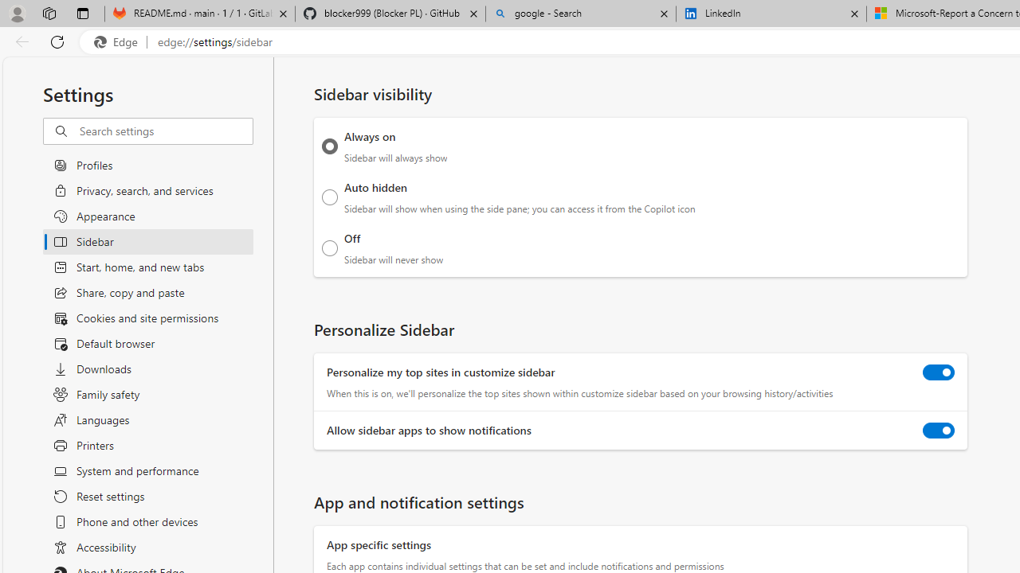 This screenshot has height=573, width=1020. I want to click on 'Search settings', so click(166, 131).